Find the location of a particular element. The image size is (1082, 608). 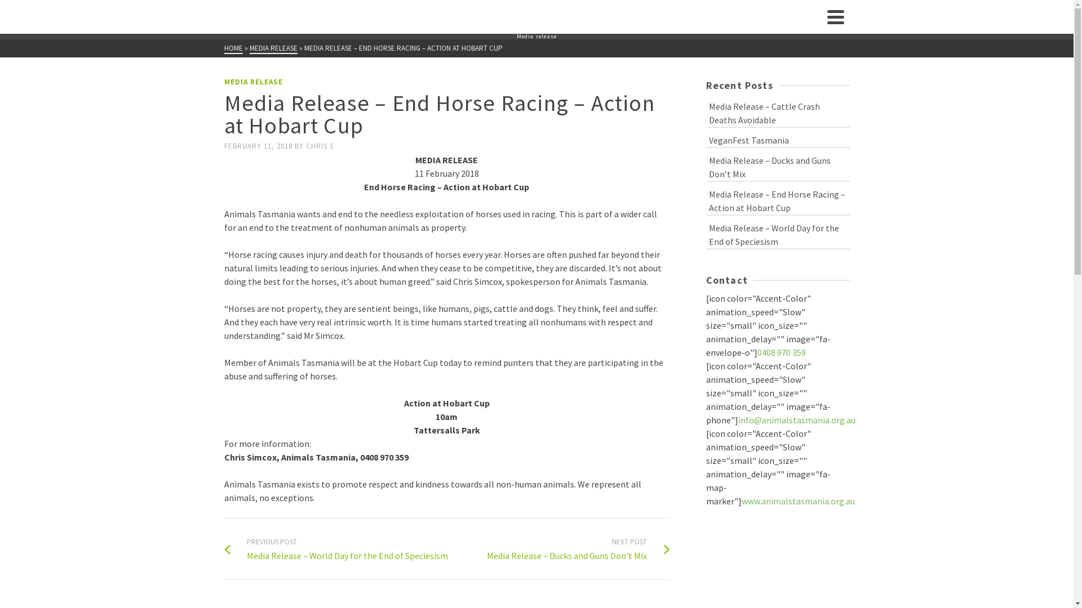

'MEDIA RELEASE' is located at coordinates (253, 81).